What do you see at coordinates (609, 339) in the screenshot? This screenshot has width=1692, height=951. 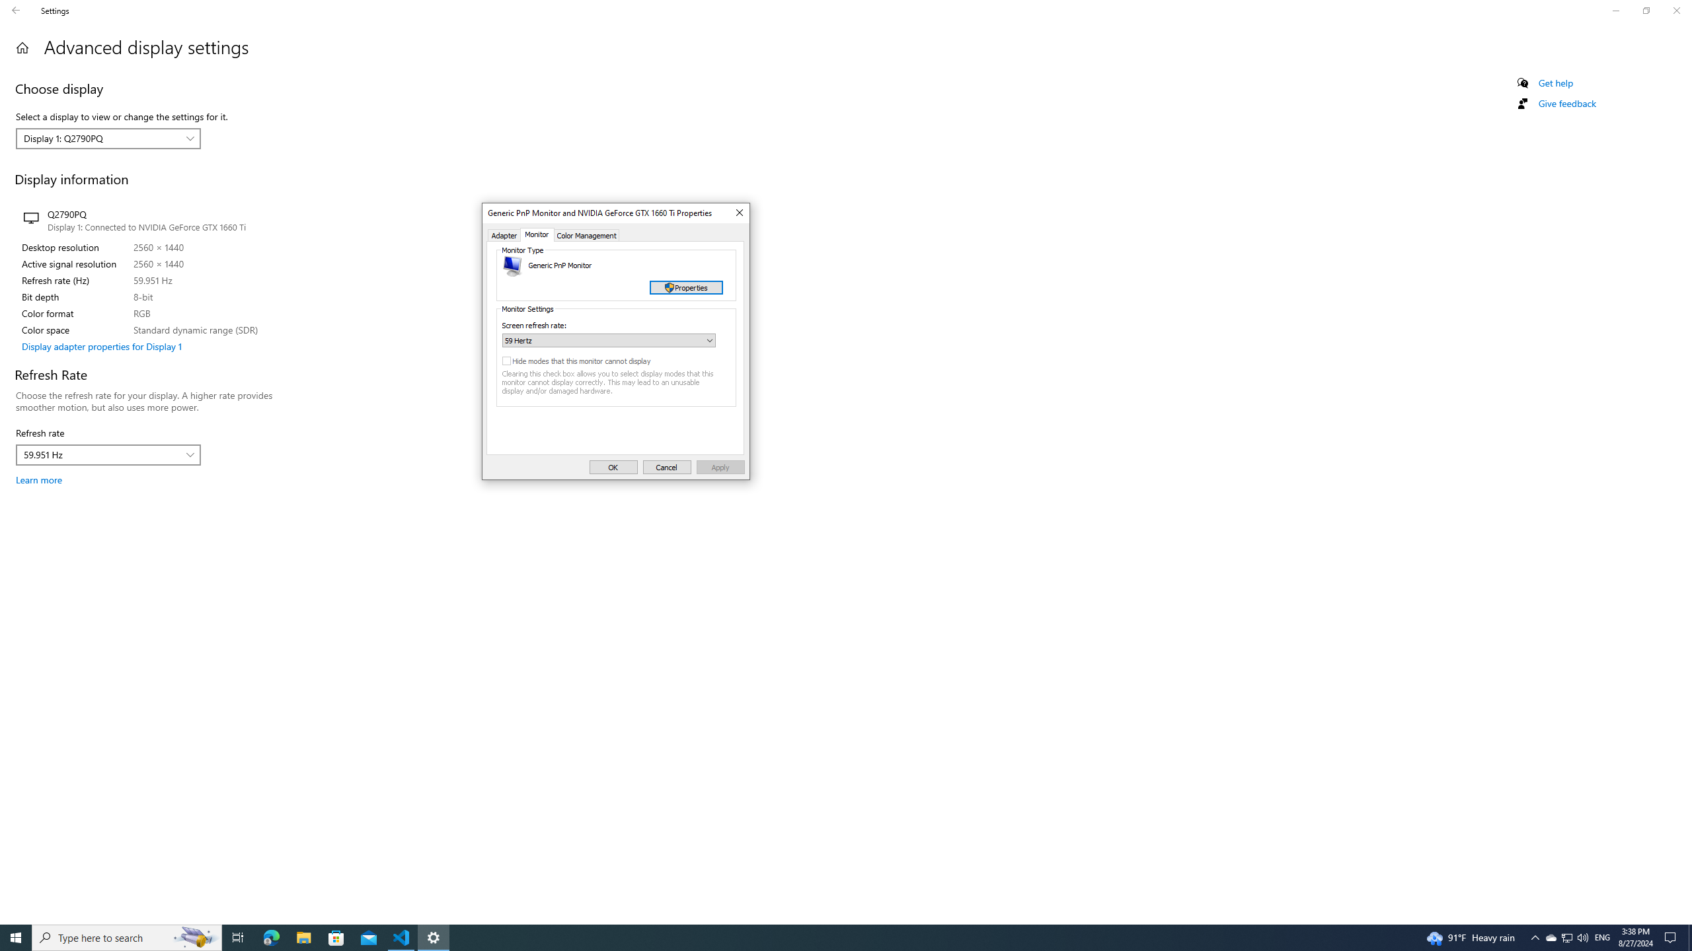 I see `'Screen refresh rate:'` at bounding box center [609, 339].